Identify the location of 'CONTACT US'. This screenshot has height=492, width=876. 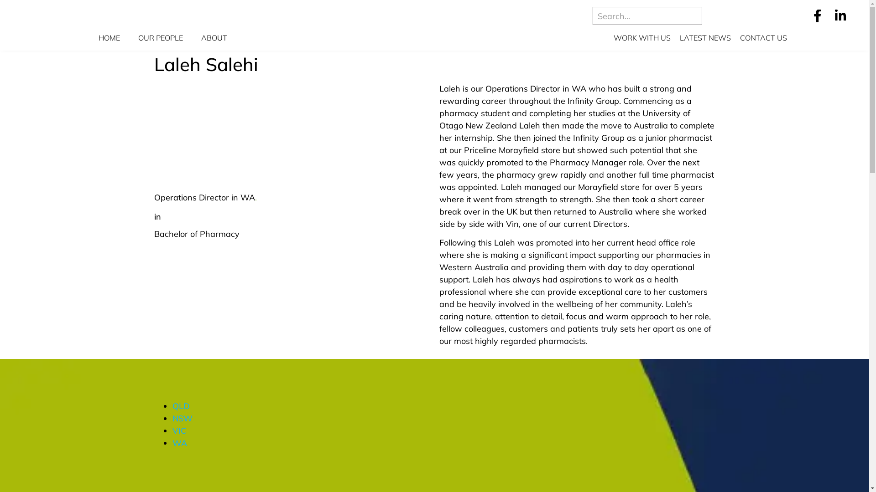
(763, 37).